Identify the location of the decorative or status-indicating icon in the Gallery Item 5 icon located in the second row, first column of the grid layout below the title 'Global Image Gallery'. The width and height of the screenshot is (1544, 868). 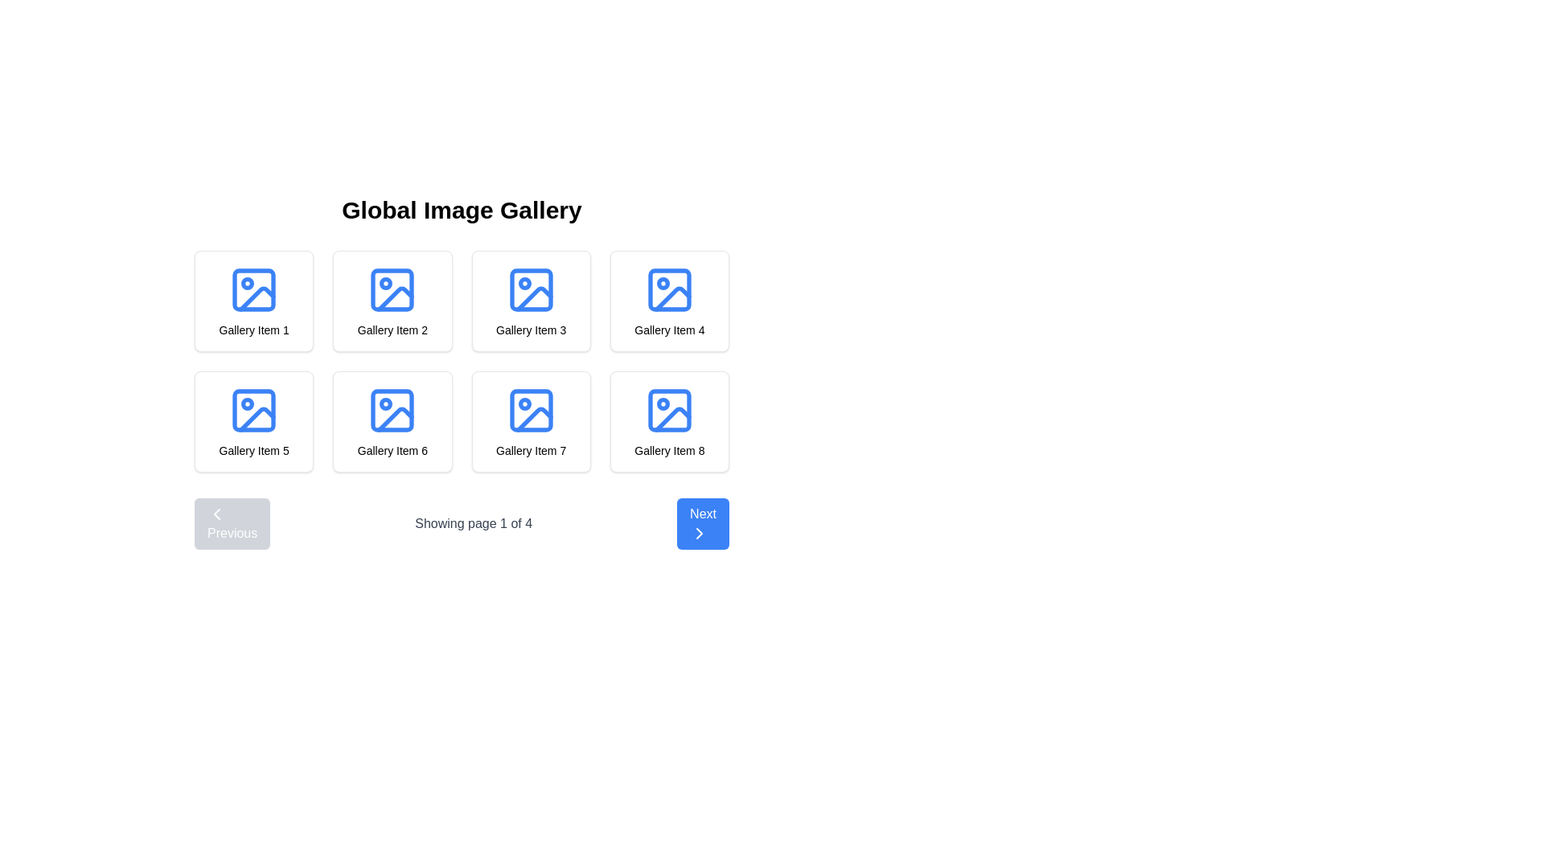
(247, 403).